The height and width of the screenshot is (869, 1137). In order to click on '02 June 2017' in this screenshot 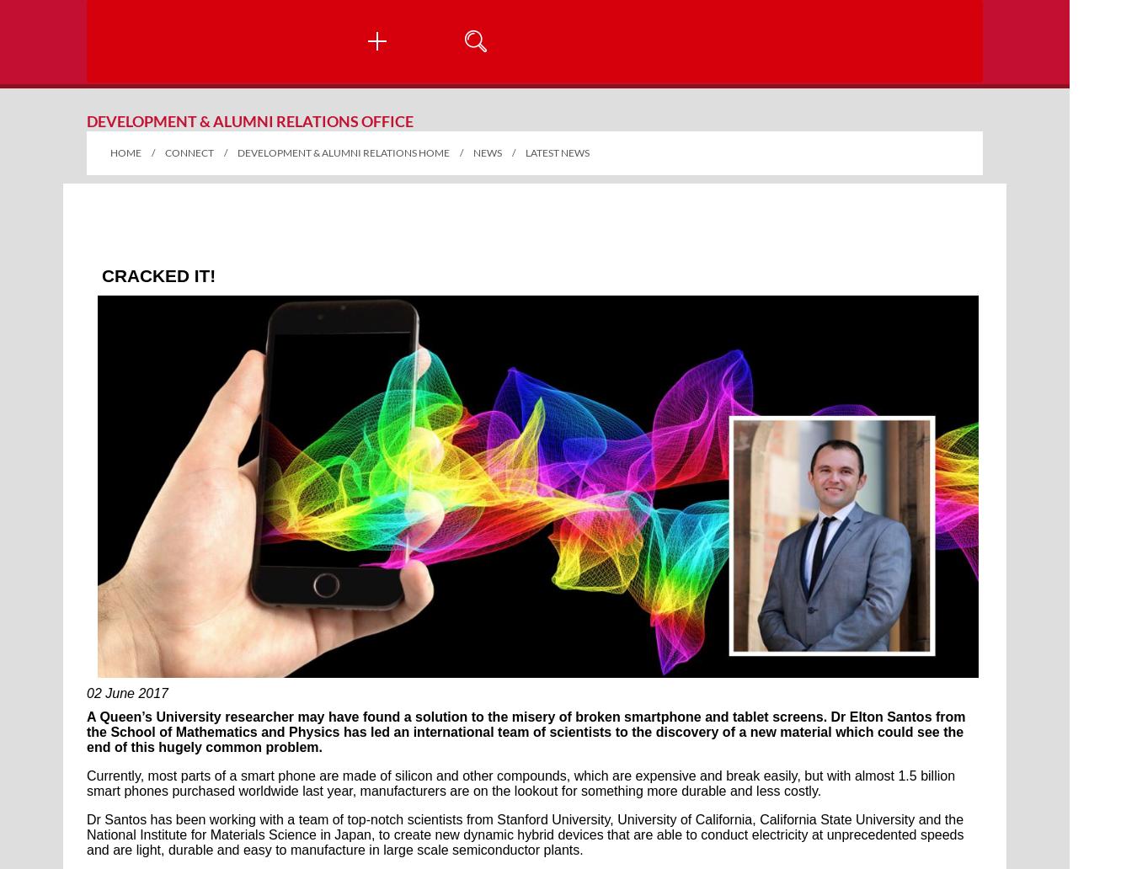, I will do `click(127, 692)`.